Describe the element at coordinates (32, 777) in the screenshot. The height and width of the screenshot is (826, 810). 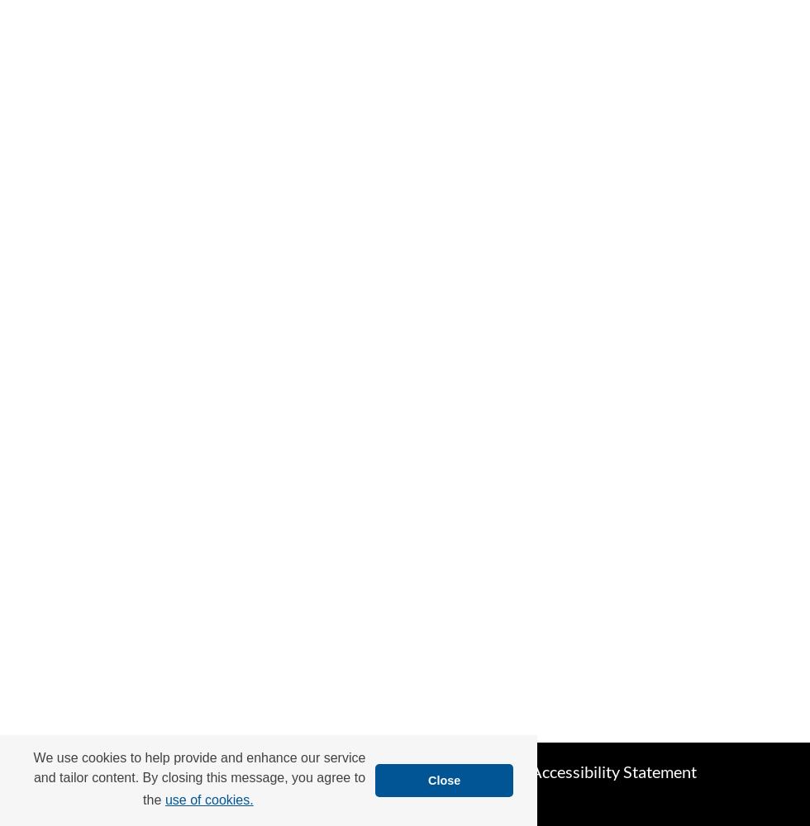
I see `'We use cookies to help provide and enhance our service and tailor content. By closing this message, you agree to the'` at that location.